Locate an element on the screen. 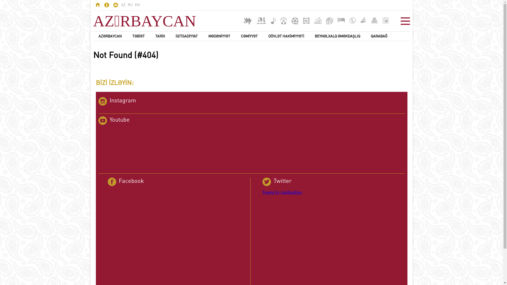 Image resolution: width=507 pixels, height=285 pixels. 'AZ' is located at coordinates (123, 5).